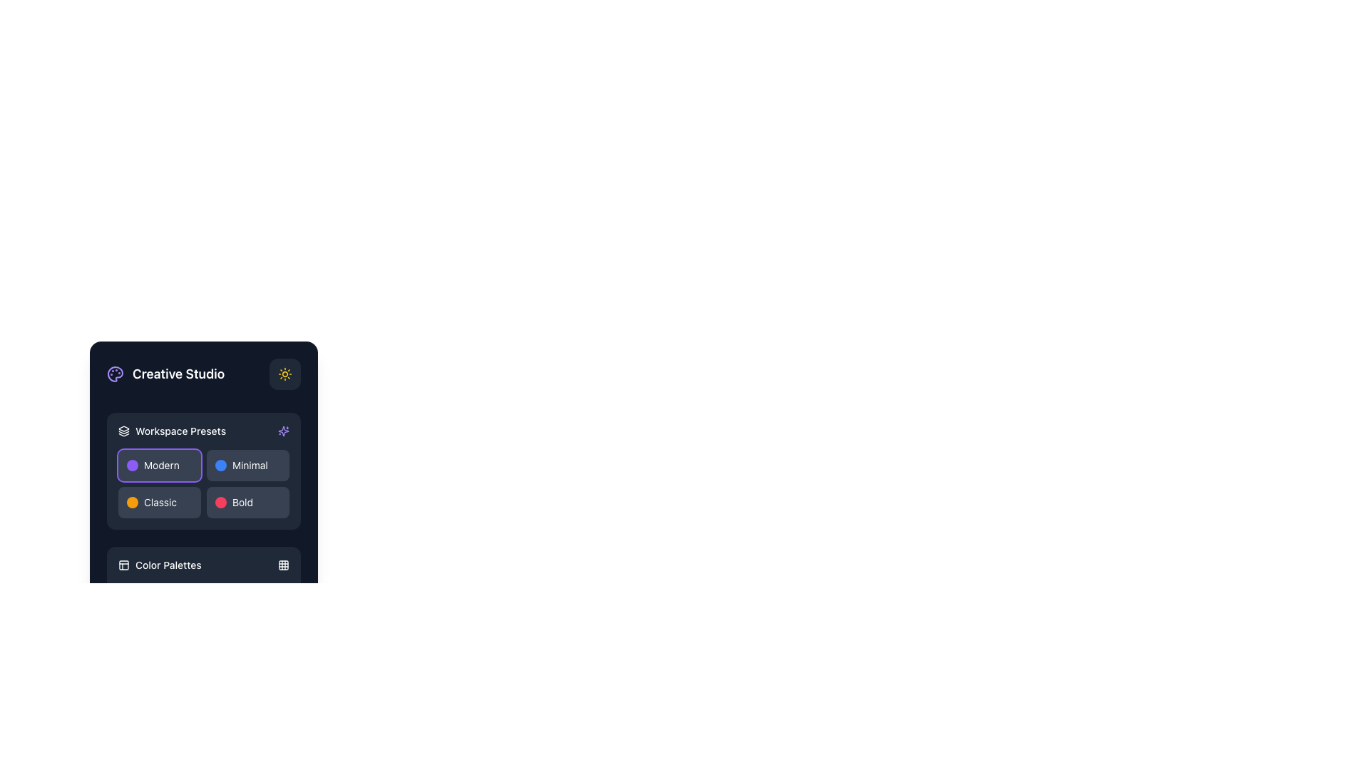 The image size is (1369, 770). I want to click on the decorative icon located in the 'Workspace Presets' section, positioned to the far right of the row header, adjacent to the text label and other icons, so click(284, 431).